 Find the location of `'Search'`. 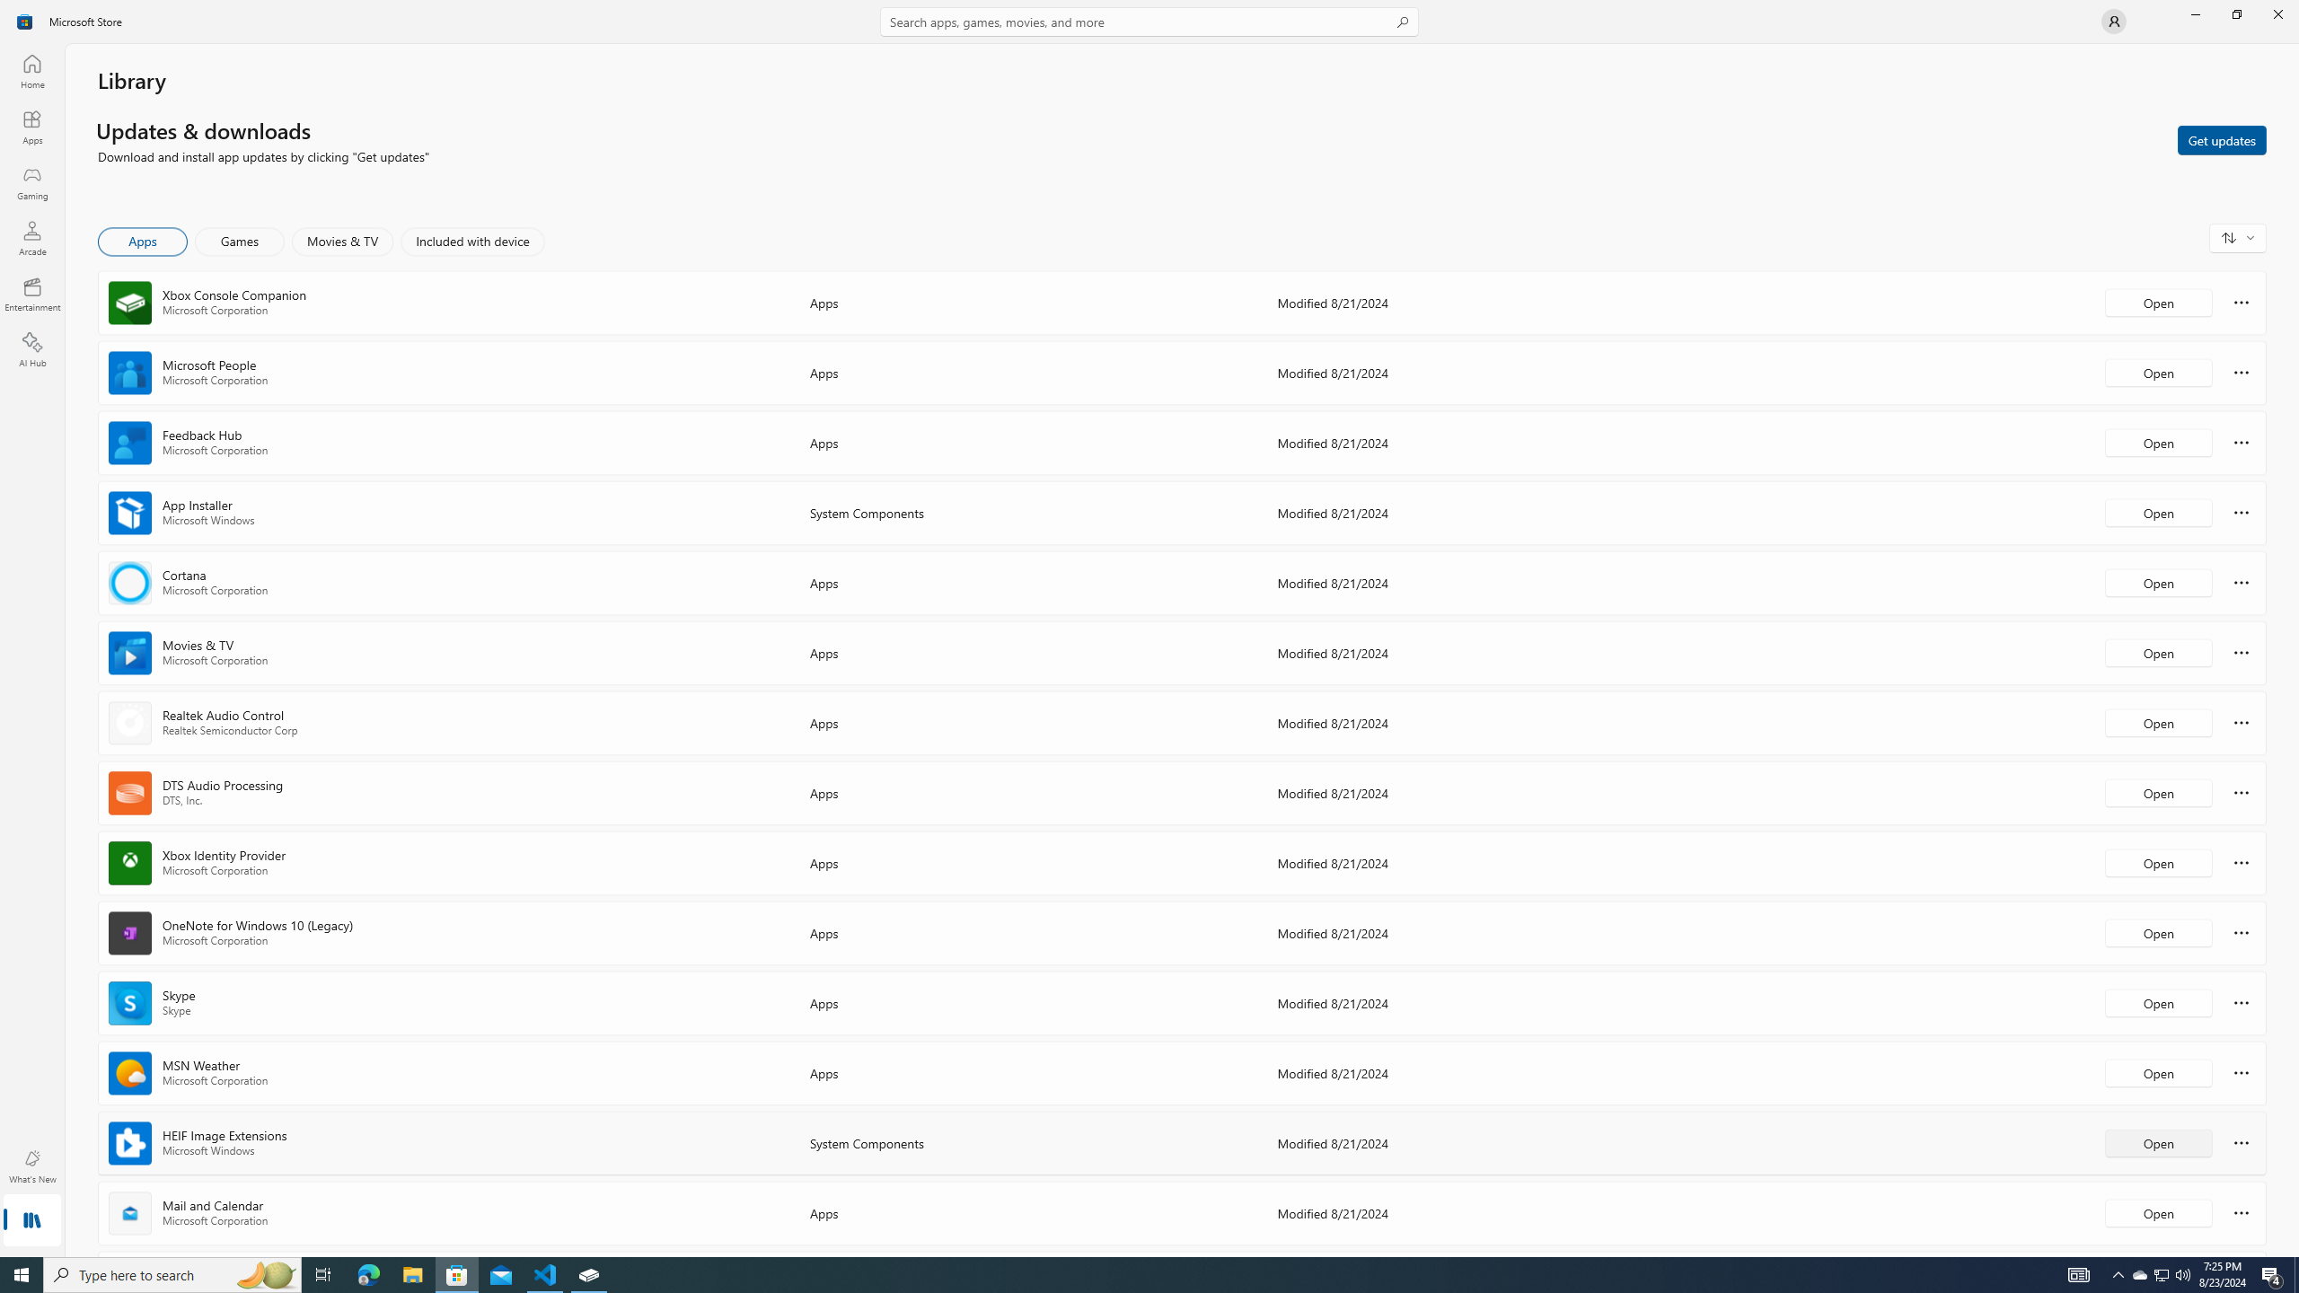

'Search' is located at coordinates (1149, 21).